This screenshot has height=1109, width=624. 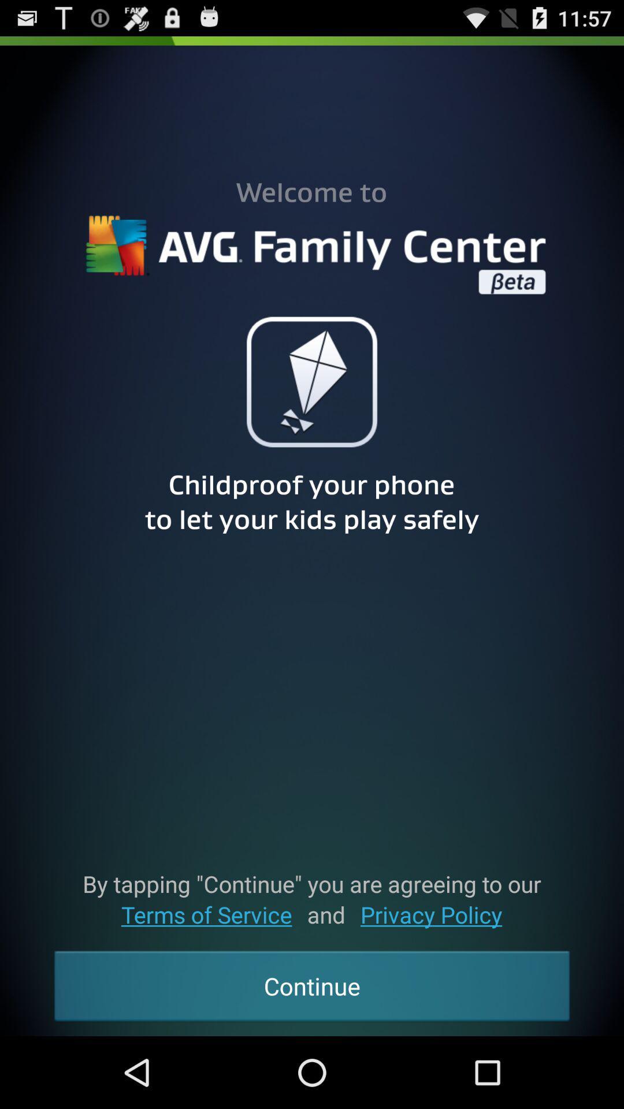 What do you see at coordinates (431, 914) in the screenshot?
I see `the app next to and` at bounding box center [431, 914].